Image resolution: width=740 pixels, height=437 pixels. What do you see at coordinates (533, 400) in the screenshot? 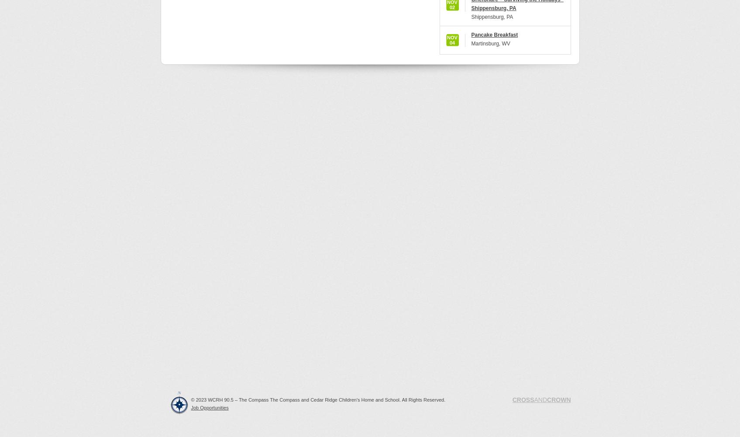
I see `'AND'` at bounding box center [533, 400].